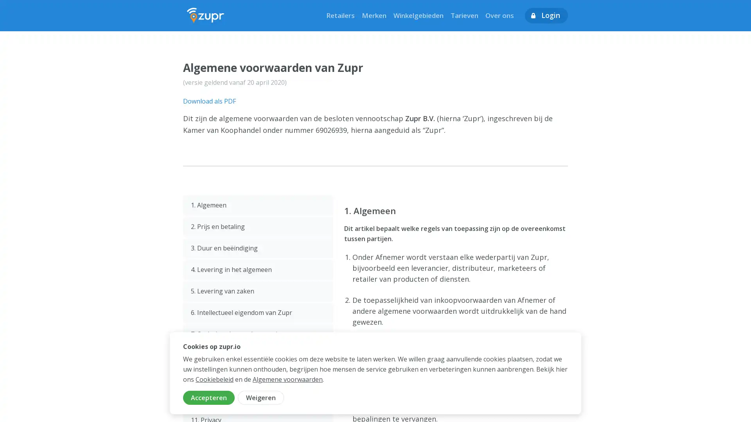 This screenshot has height=422, width=751. Describe the element at coordinates (261, 398) in the screenshot. I see `Decline cookies` at that location.